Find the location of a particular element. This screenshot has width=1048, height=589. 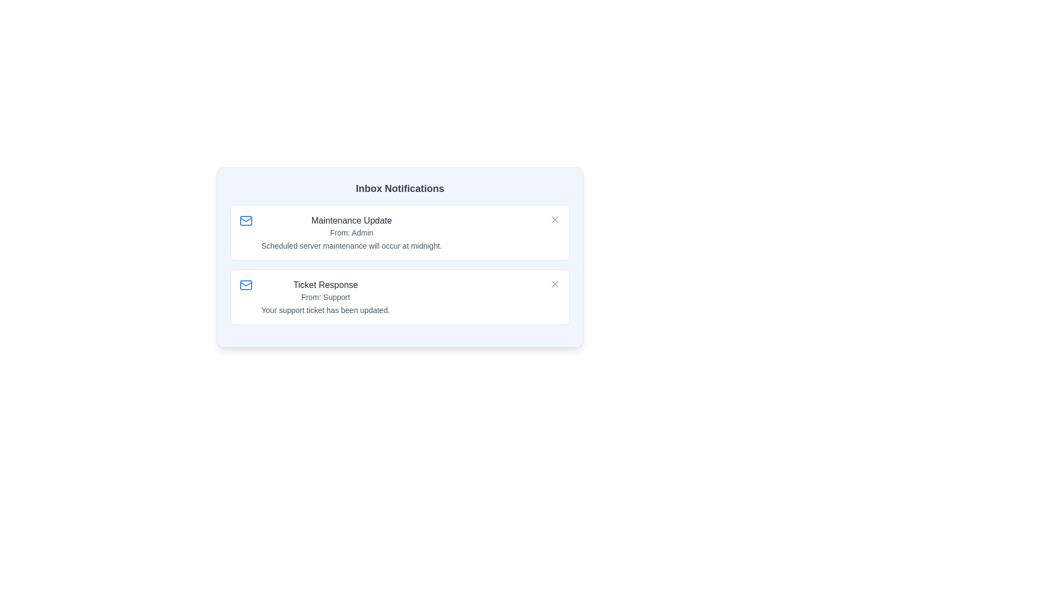

the 'X' button of the notification with subject Ticket Response is located at coordinates (555, 283).